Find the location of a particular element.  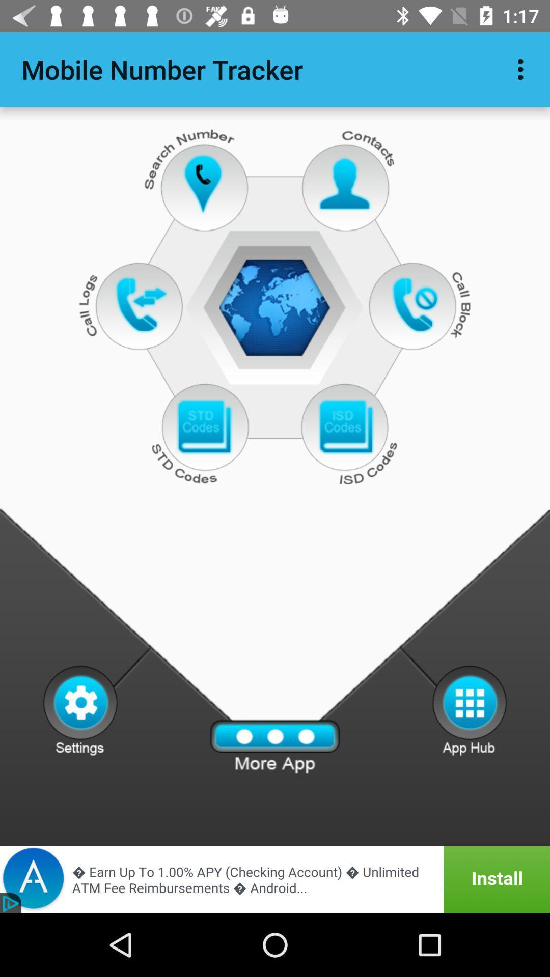

std codes is located at coordinates (204, 427).